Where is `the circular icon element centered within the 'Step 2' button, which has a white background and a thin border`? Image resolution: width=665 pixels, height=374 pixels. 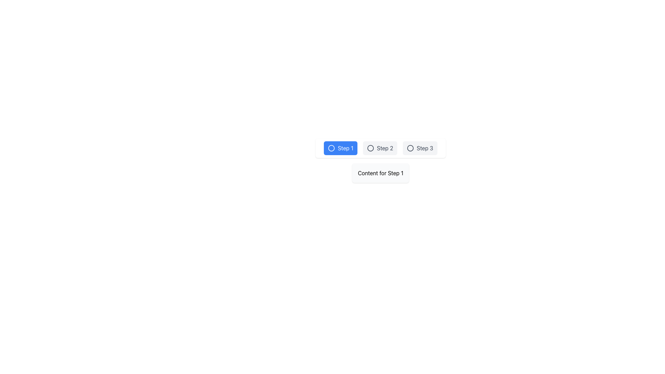 the circular icon element centered within the 'Step 2' button, which has a white background and a thin border is located at coordinates (370, 148).